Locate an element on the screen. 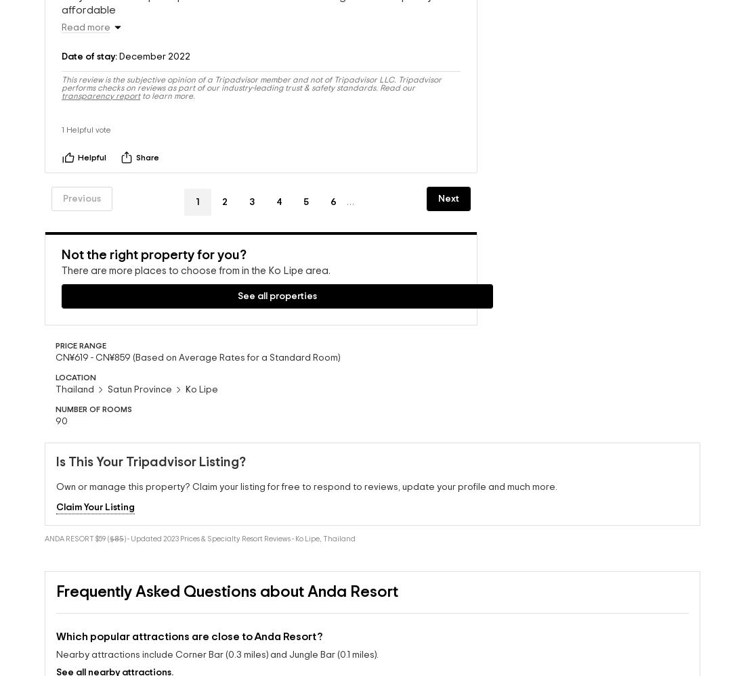  'Not the right property for you?' is located at coordinates (154, 232).